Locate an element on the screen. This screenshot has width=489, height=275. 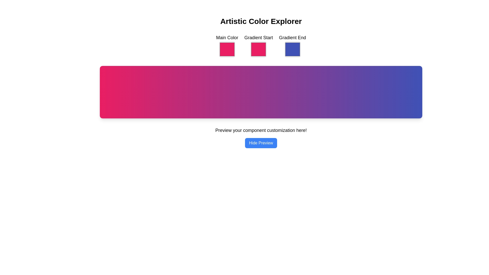
text label that says 'Preview your component customization here!' located above the 'Hide Preview' button in the Artistic Color Explorer section is located at coordinates (261, 137).